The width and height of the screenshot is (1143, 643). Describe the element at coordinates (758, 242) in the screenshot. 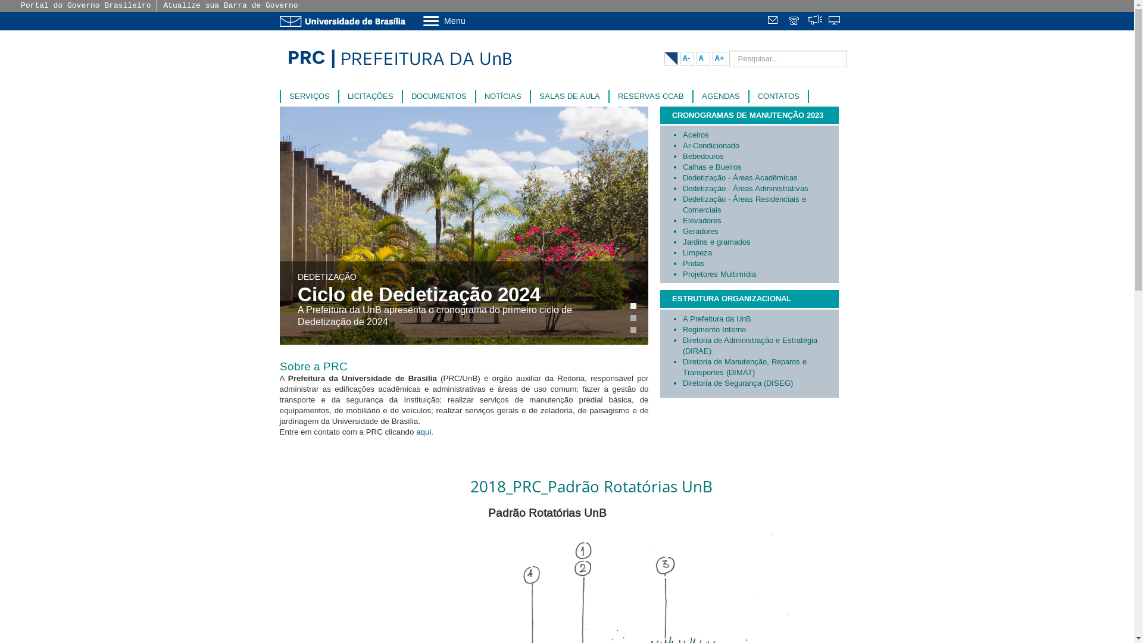

I see `'Jardins e gramados'` at that location.